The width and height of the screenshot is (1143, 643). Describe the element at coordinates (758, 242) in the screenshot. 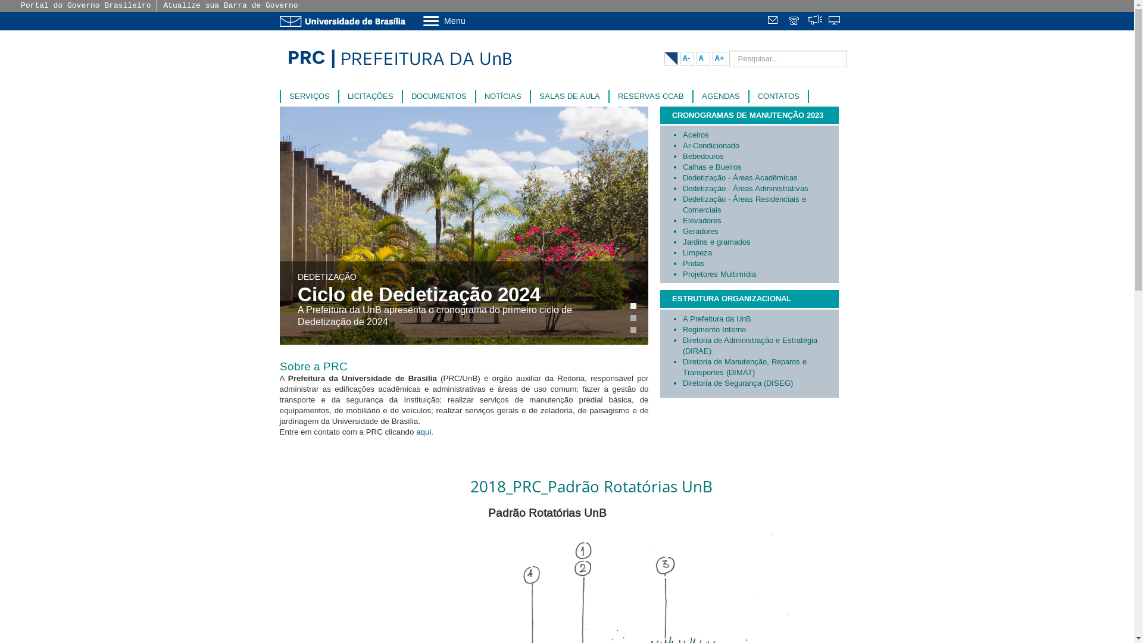

I see `'Jardins e gramados'` at that location.